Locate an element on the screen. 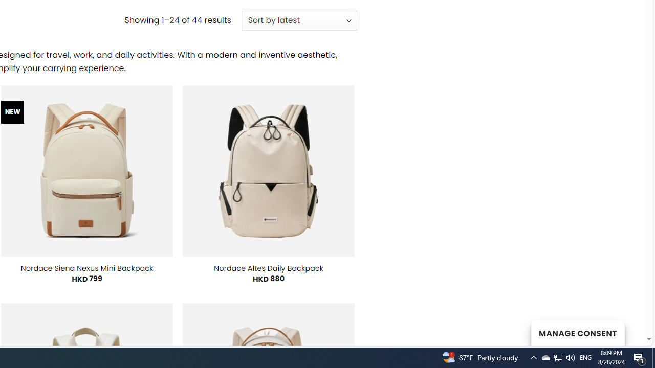 The height and width of the screenshot is (368, 655). 'Nordace Siena Nexus Mini Backpack' is located at coordinates (86, 267).